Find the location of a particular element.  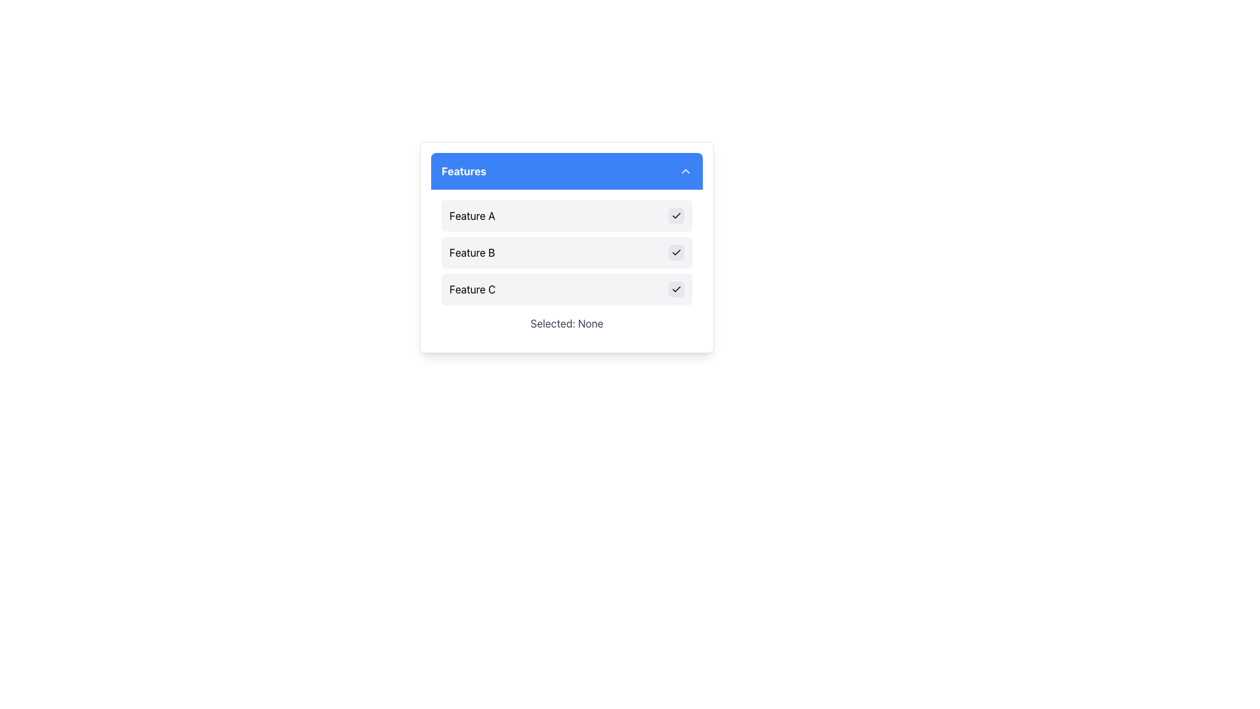

the static text label 'Feature B', which is the second item in the list under the 'Features' header, positioned between 'Feature A' and 'Feature C' is located at coordinates (472, 253).